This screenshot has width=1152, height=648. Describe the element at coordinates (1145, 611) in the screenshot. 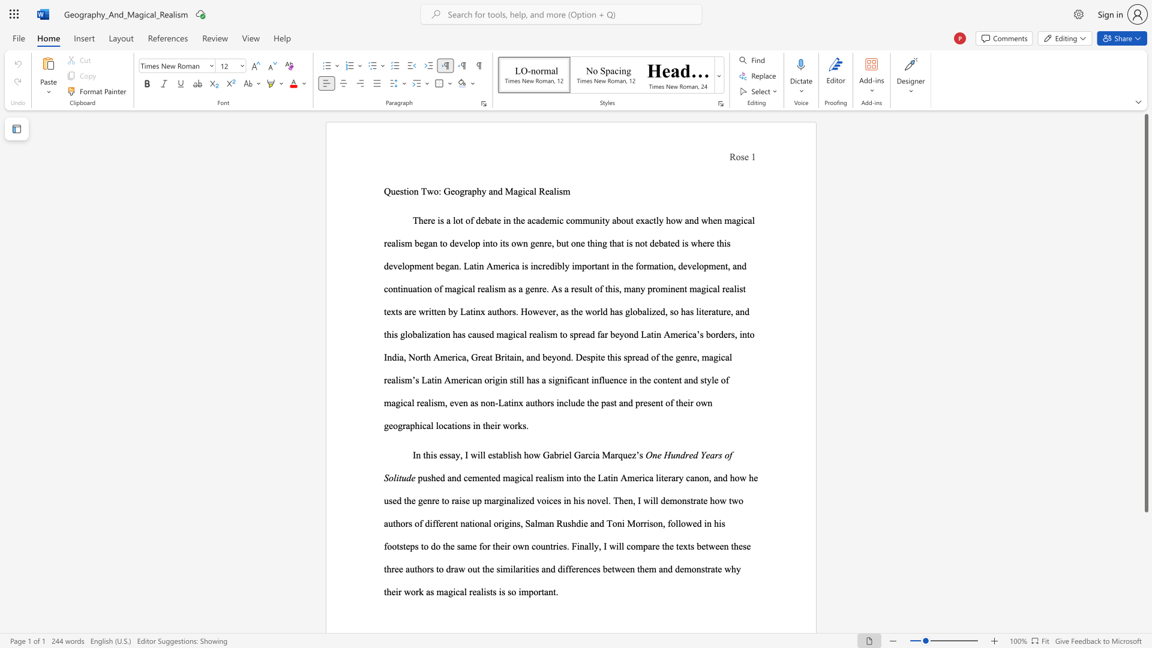

I see `the scrollbar on the right to move the page downward` at that location.